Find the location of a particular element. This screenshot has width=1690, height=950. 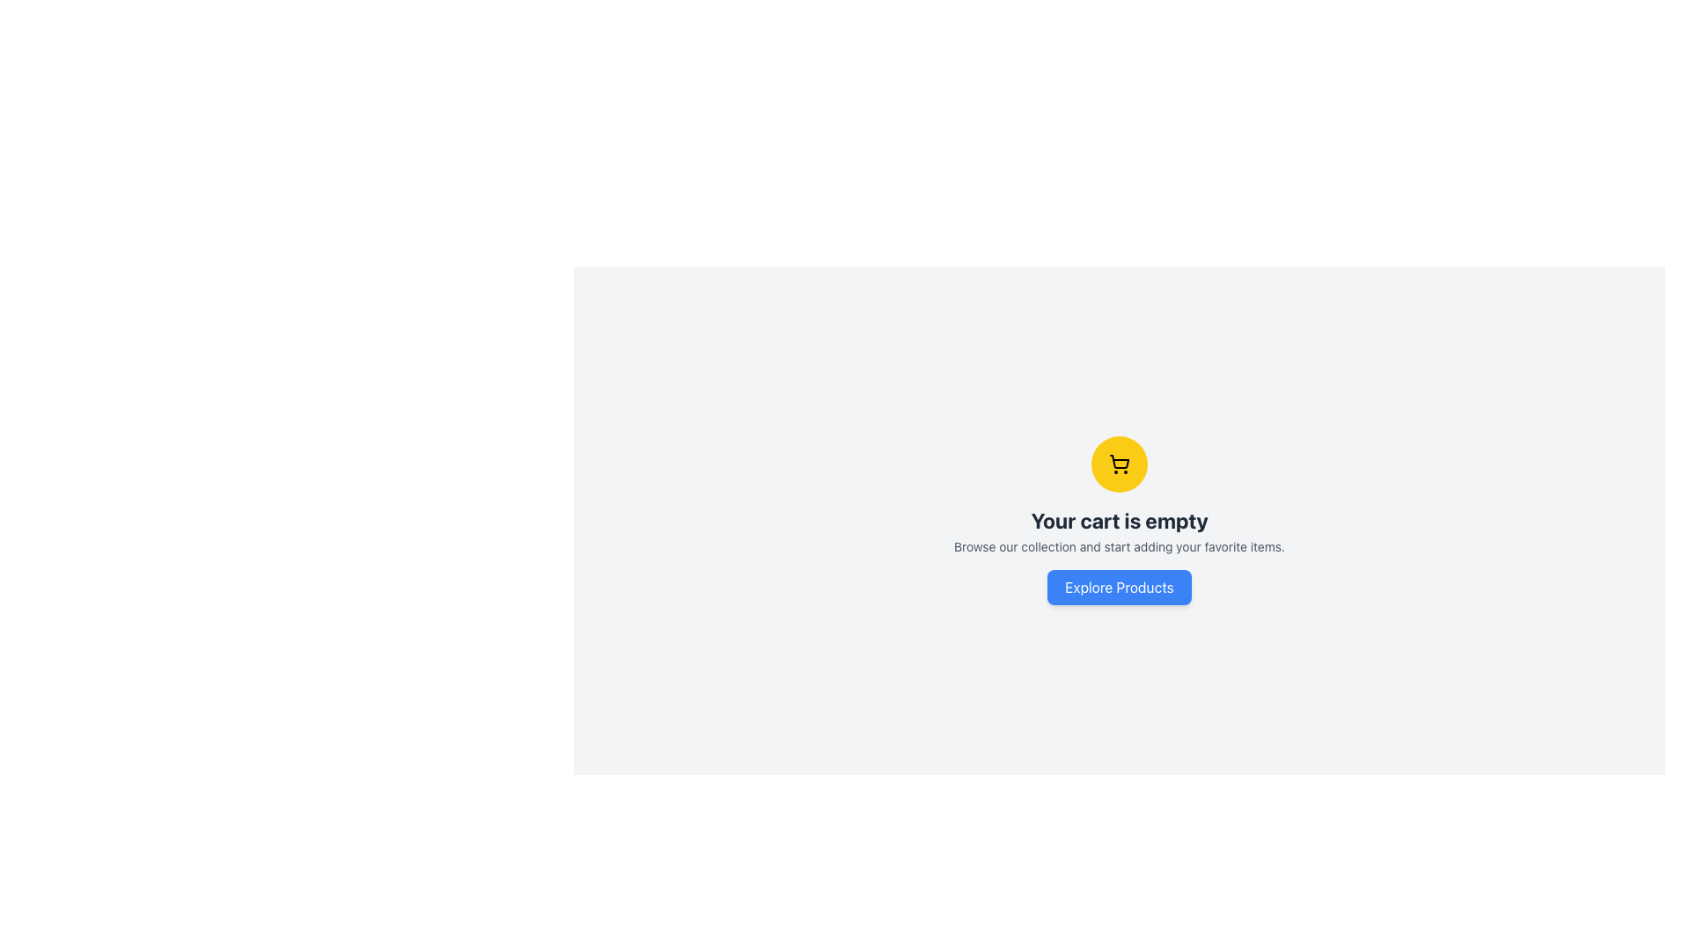

the static text element that provides a suggestion to browse items, located below the heading 'Your cart is empty' and above the blue button 'Explore Products' is located at coordinates (1119, 545).